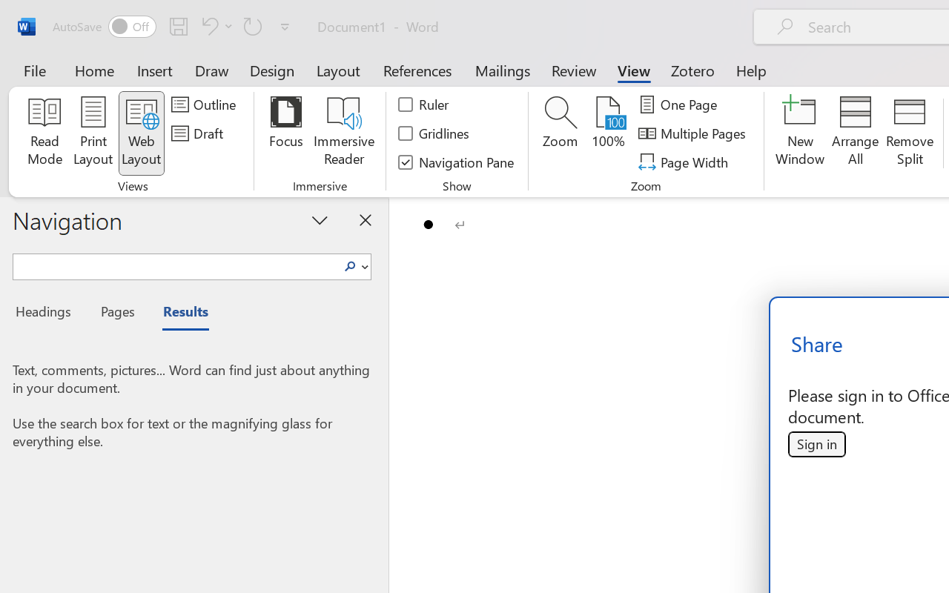 The height and width of the screenshot is (593, 949). Describe the element at coordinates (176, 265) in the screenshot. I see `'Search document'` at that location.